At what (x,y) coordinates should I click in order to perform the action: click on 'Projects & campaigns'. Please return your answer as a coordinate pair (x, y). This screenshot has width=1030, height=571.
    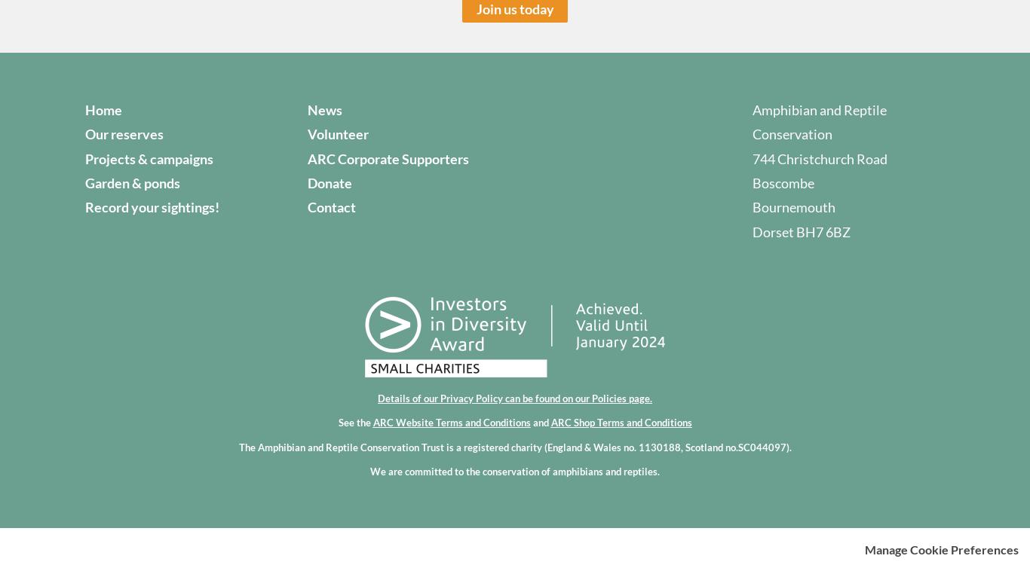
    Looking at the image, I should click on (148, 157).